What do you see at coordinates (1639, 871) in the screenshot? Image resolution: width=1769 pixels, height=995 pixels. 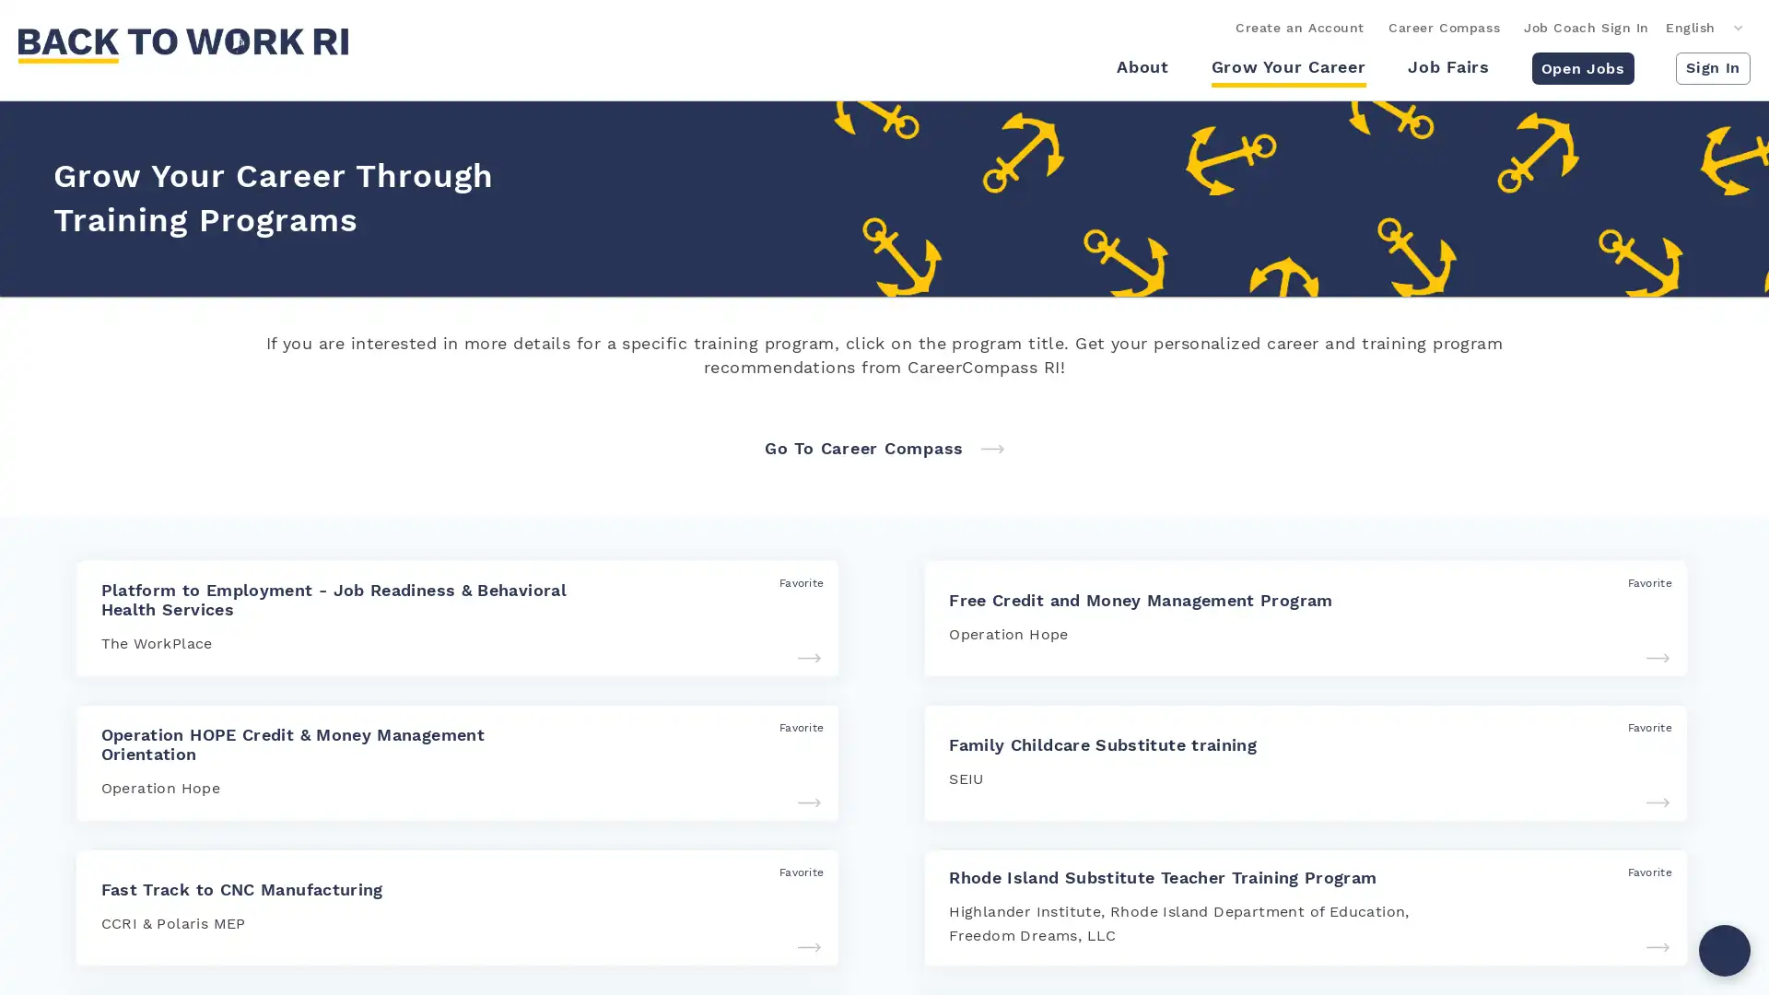 I see `not favorite Favorite` at bounding box center [1639, 871].